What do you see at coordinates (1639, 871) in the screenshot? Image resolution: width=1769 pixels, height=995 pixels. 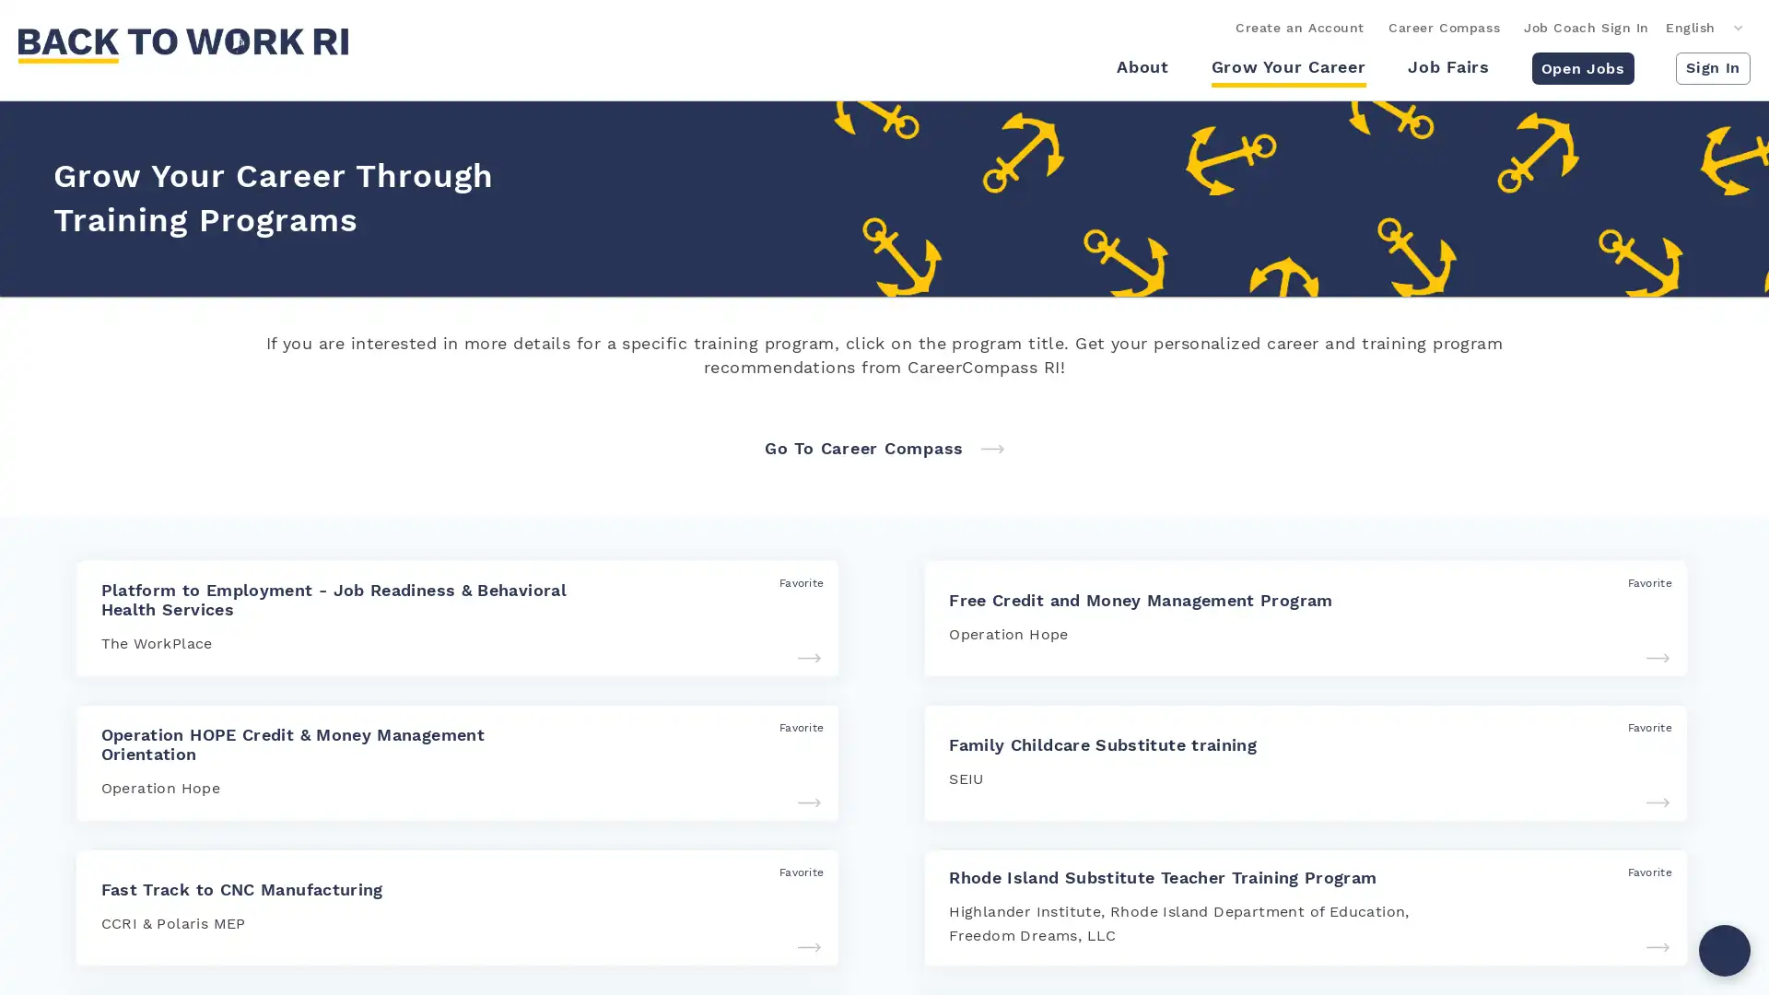 I see `not favorite Favorite` at bounding box center [1639, 871].